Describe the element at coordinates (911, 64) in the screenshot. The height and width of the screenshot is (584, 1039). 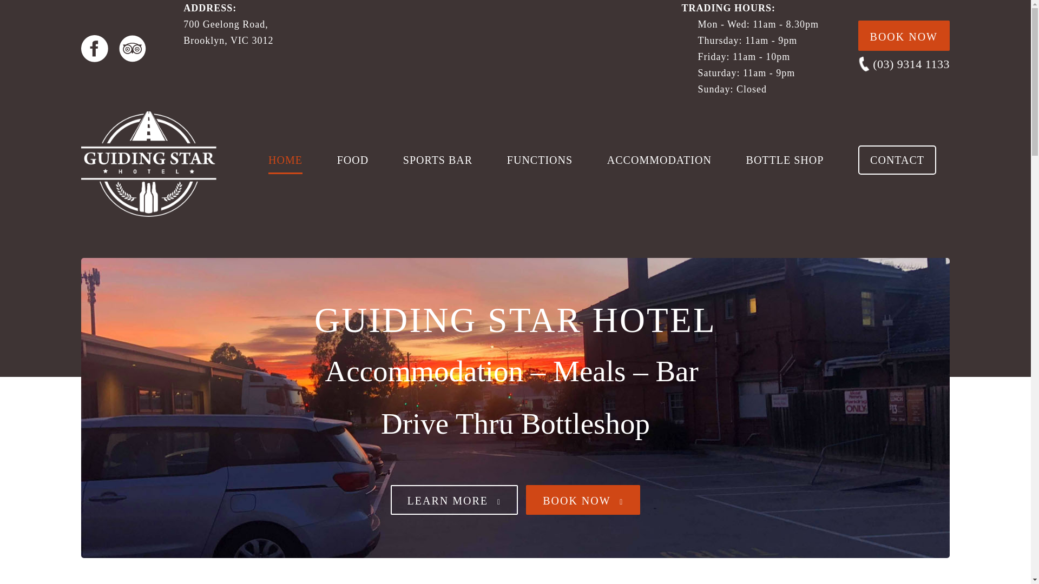
I see `'(03) 9314 1133'` at that location.